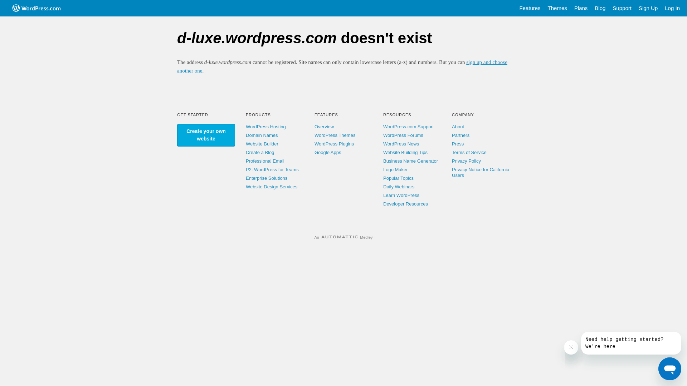 The width and height of the screenshot is (687, 386). Describe the element at coordinates (457, 144) in the screenshot. I see `'Press'` at that location.